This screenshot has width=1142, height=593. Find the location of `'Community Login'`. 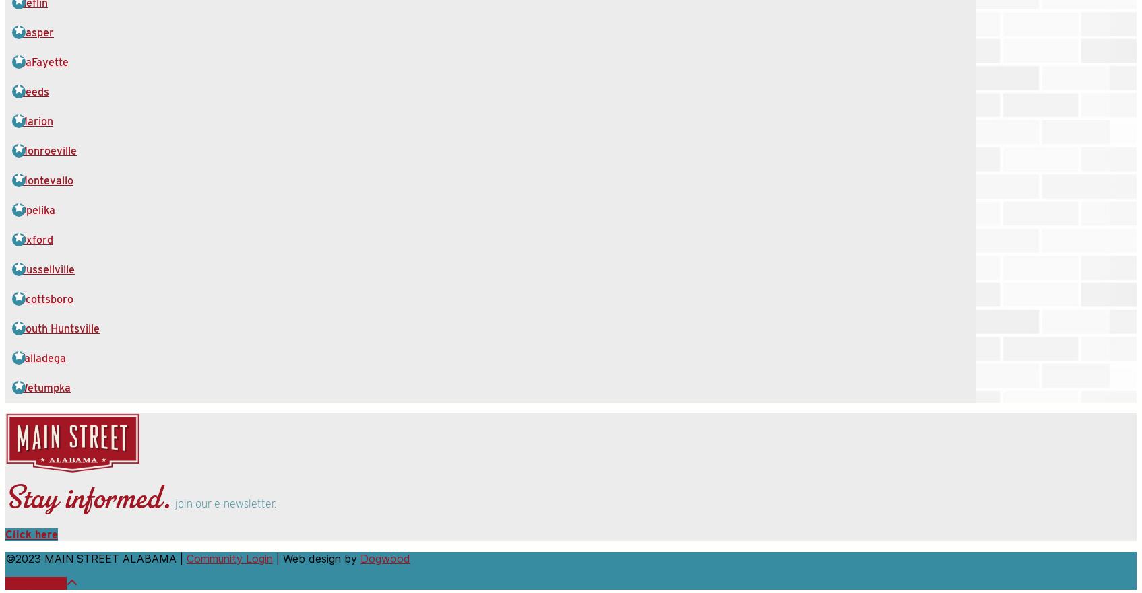

'Community Login' is located at coordinates (229, 557).